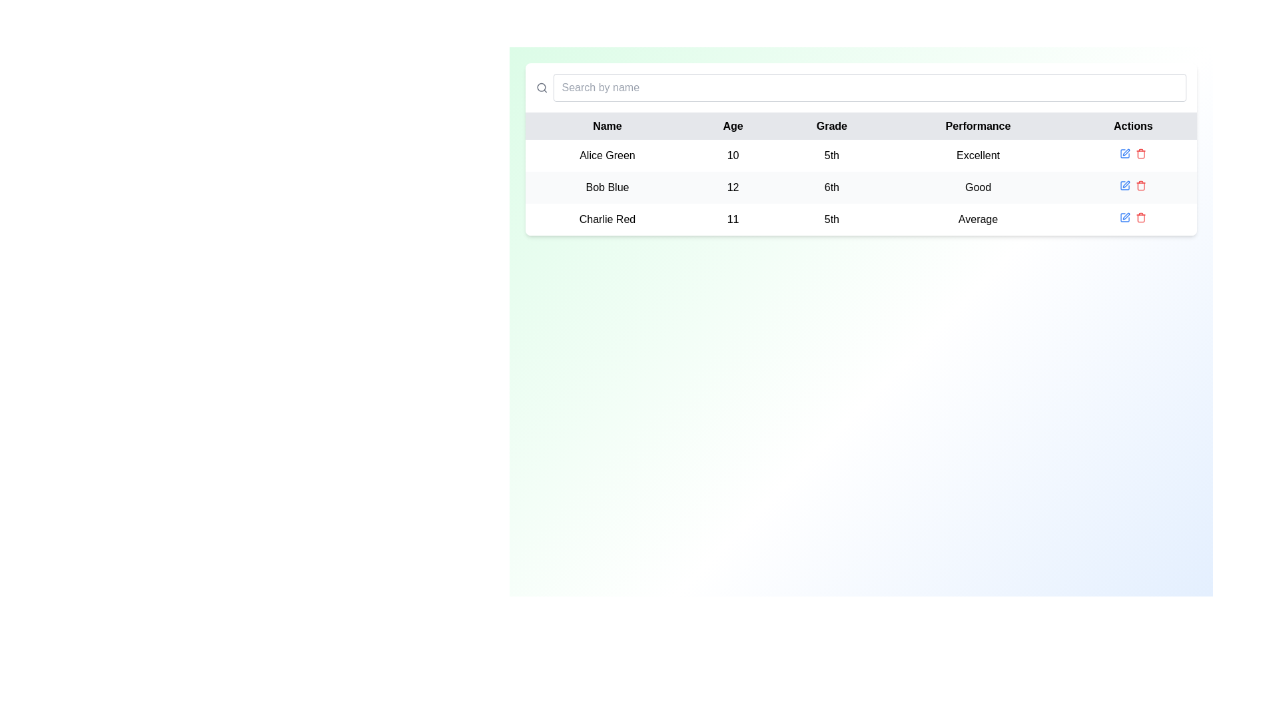 The height and width of the screenshot is (719, 1279). What do you see at coordinates (978, 155) in the screenshot?
I see `the text label representing the performance rating 'Excellent' for 'Alice Green' in the table's 'Performance' column` at bounding box center [978, 155].